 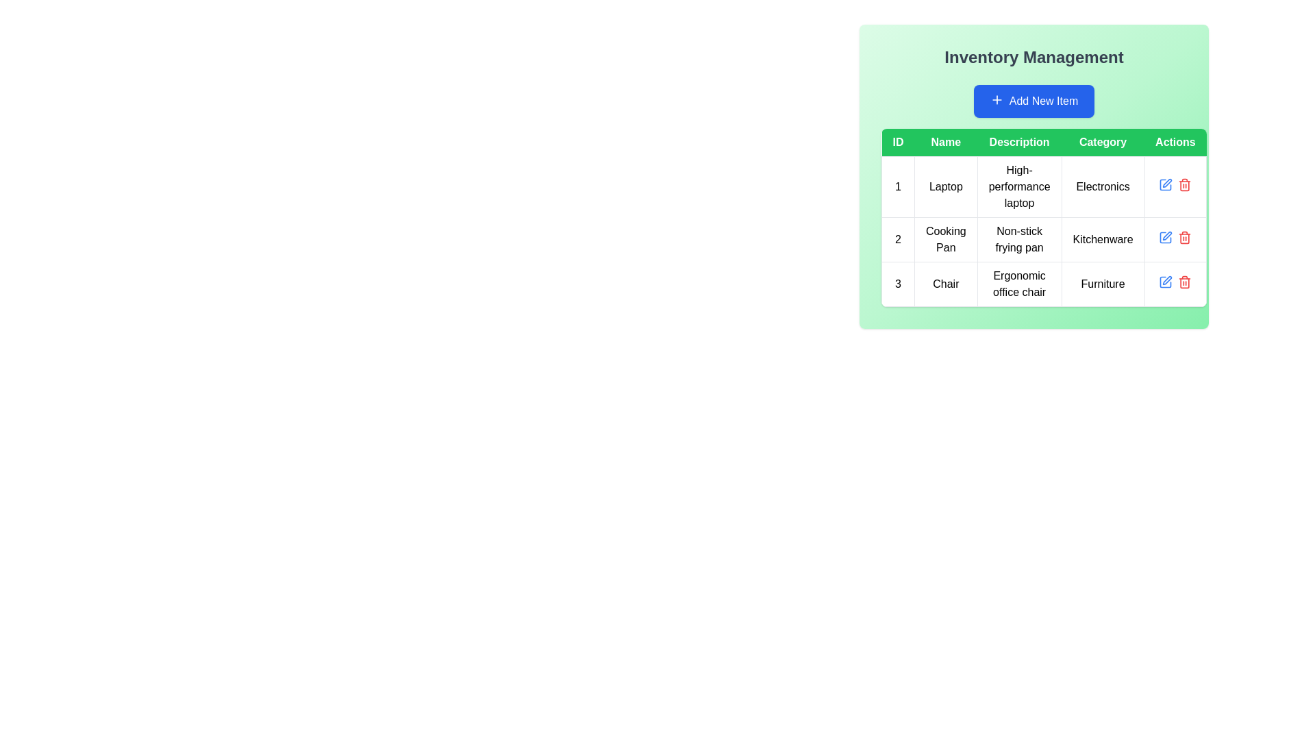 What do you see at coordinates (1165, 184) in the screenshot?
I see `the edit button in the 'Actions' column of the first row of the table corresponding to the 'Laptop' item` at bounding box center [1165, 184].